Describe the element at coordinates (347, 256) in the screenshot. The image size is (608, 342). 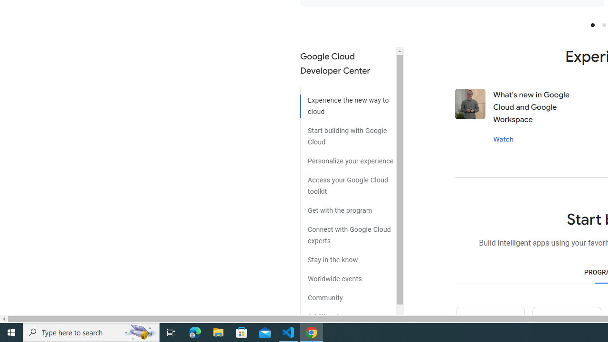
I see `'Stay in the know'` at that location.